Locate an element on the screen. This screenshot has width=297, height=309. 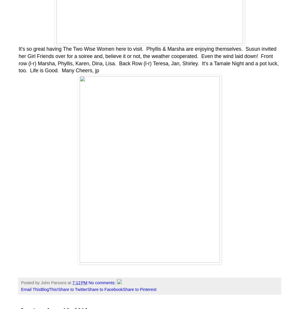
'at' is located at coordinates (70, 282).